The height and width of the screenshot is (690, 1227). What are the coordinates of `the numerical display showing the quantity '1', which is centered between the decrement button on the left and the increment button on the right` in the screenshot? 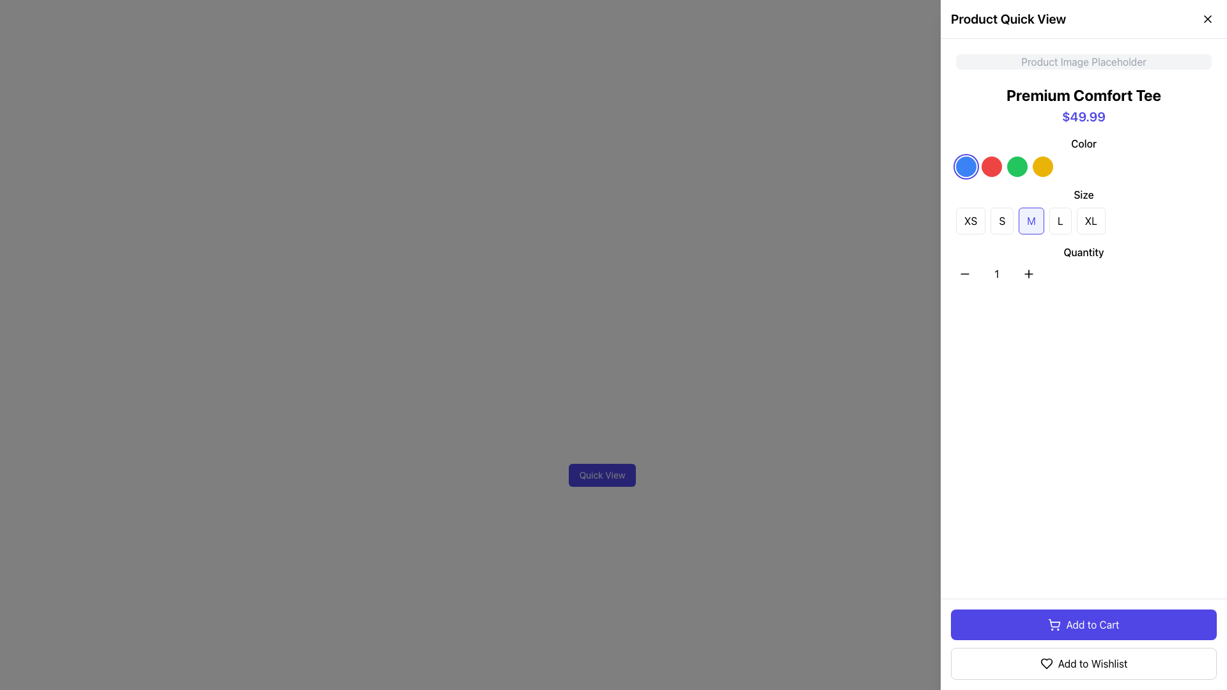 It's located at (996, 273).